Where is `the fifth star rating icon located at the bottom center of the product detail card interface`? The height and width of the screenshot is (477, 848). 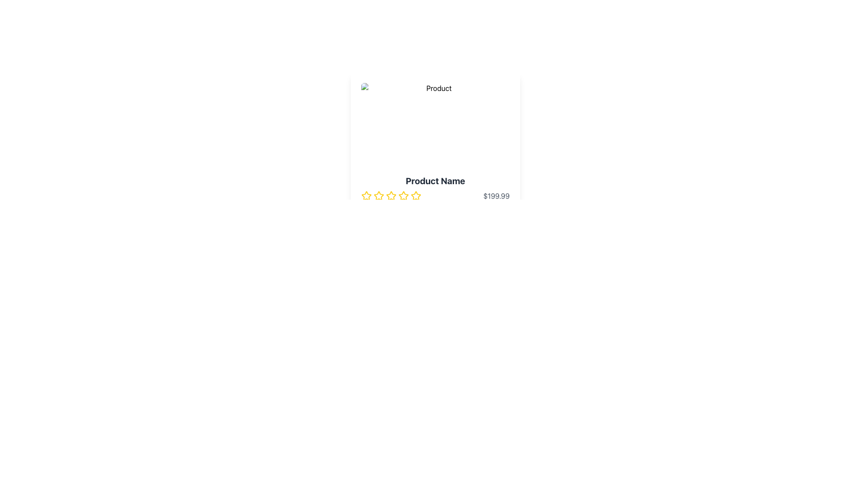
the fifth star rating icon located at the bottom center of the product detail card interface is located at coordinates (415, 195).